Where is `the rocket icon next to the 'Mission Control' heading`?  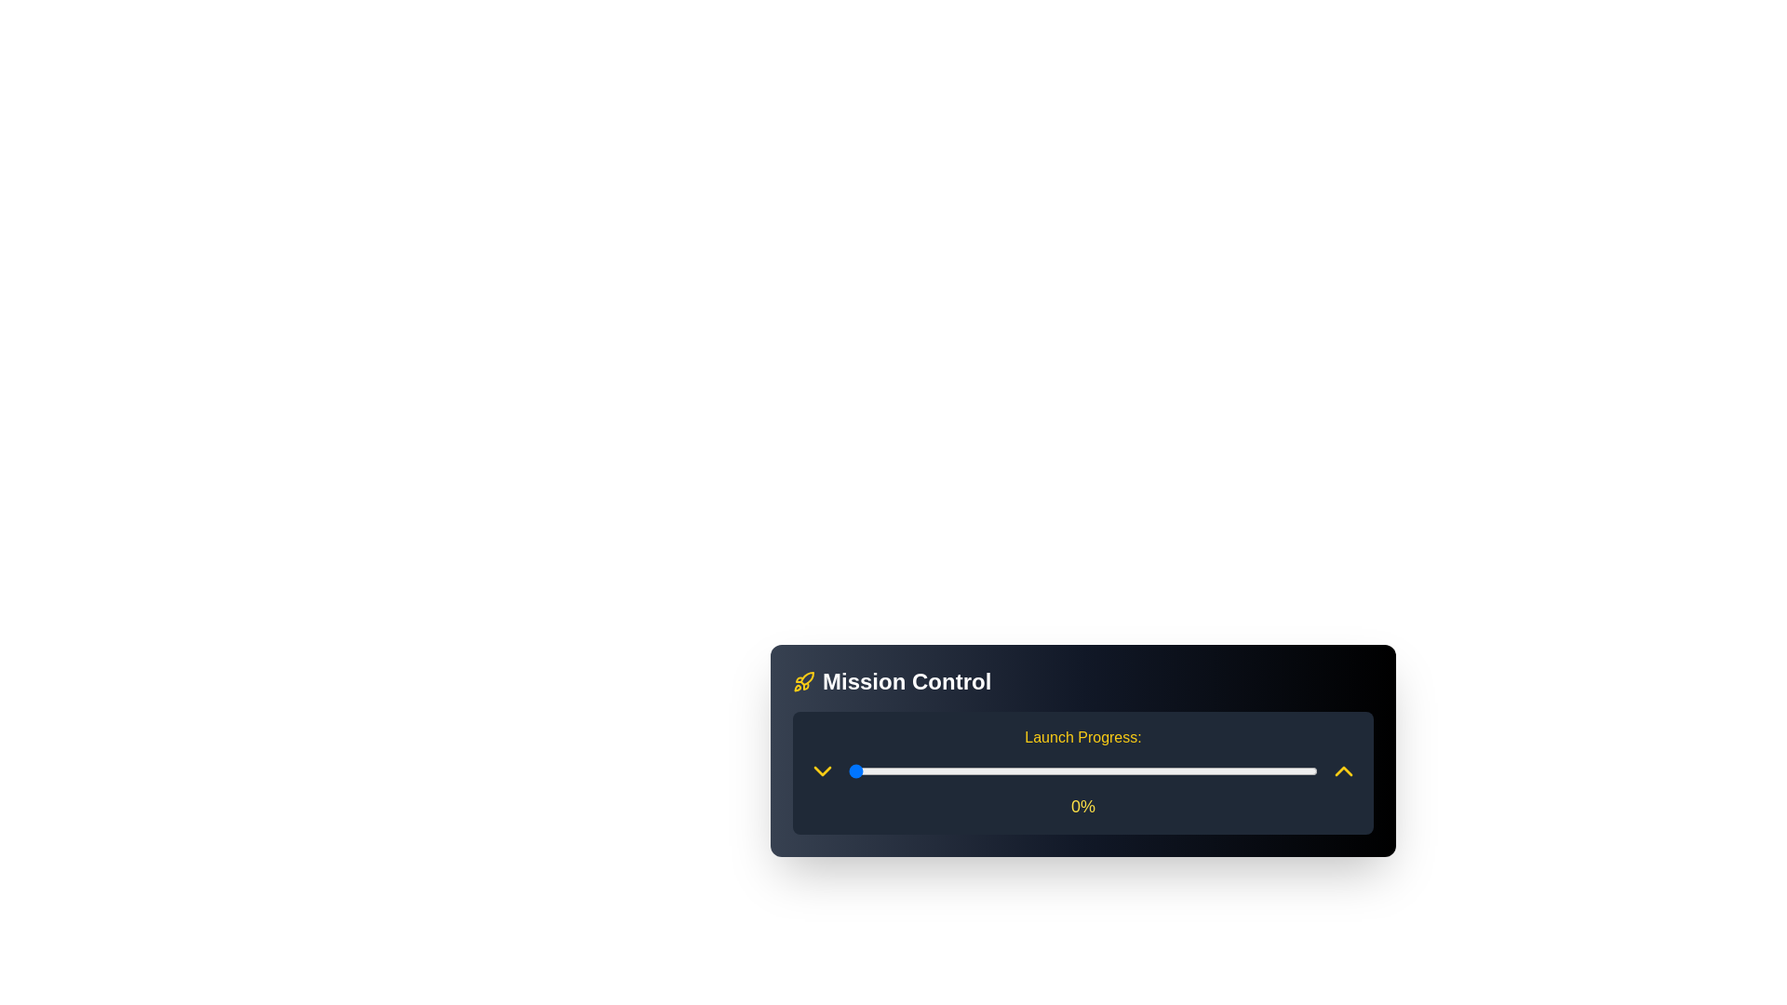
the rocket icon next to the 'Mission Control' heading is located at coordinates (804, 681).